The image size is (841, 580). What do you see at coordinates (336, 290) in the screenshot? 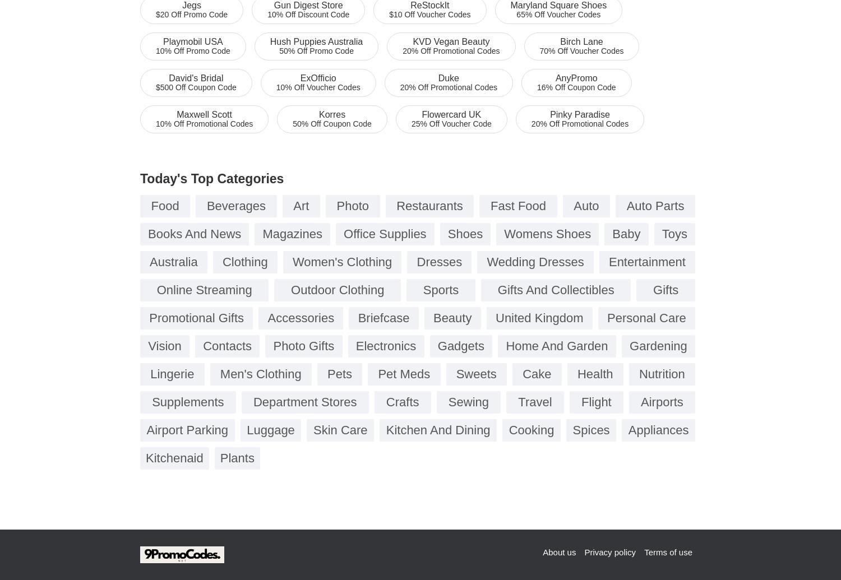
I see `'Outdoor Clothing'` at bounding box center [336, 290].